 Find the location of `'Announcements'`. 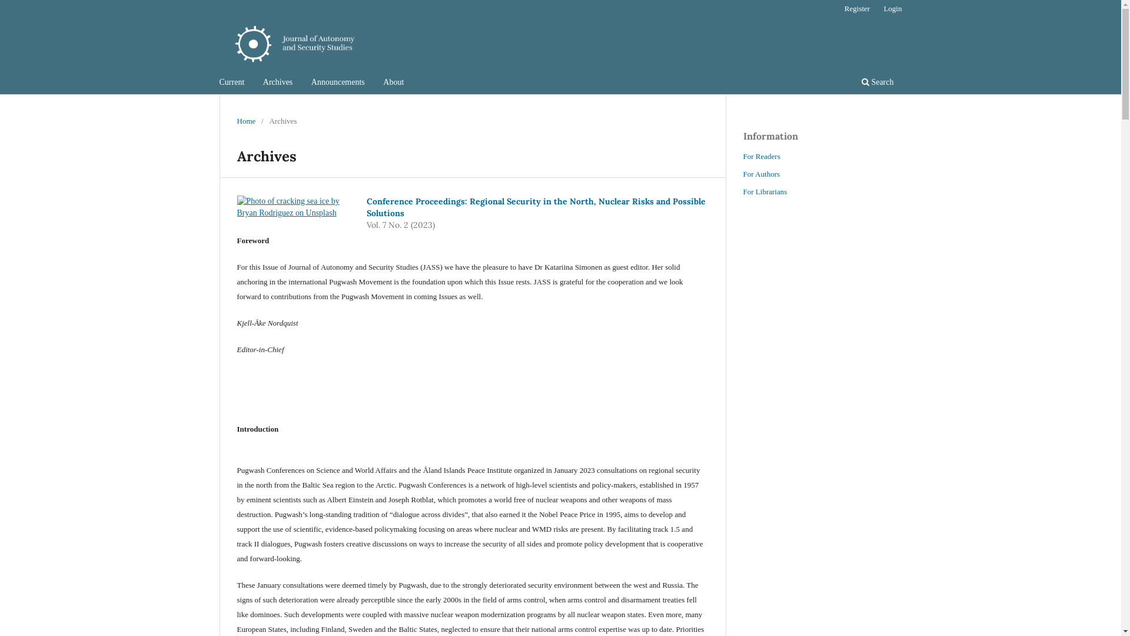

'Announcements' is located at coordinates (337, 83).